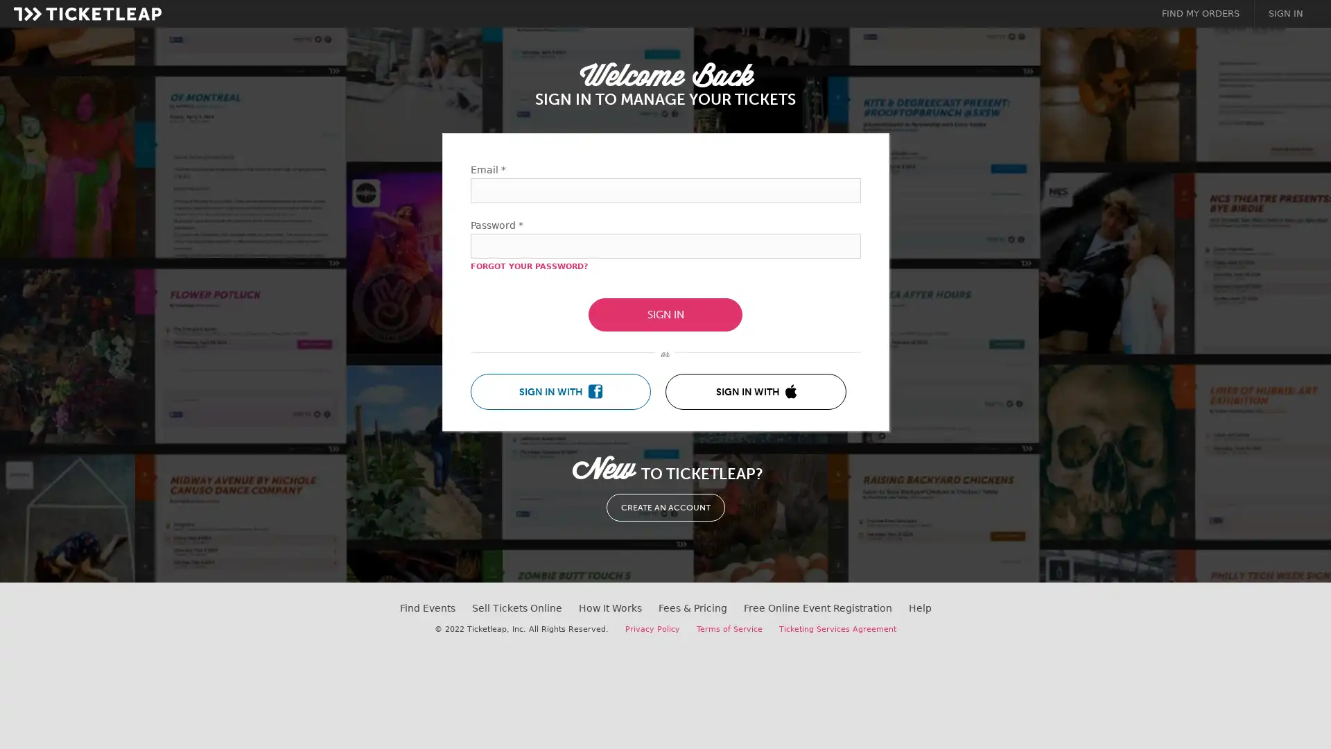 Image resolution: width=1331 pixels, height=749 pixels. What do you see at coordinates (560, 391) in the screenshot?
I see `SIGN IN WITH` at bounding box center [560, 391].